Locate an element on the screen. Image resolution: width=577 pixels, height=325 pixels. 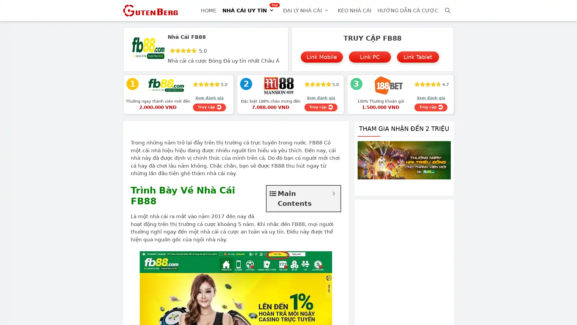
Main Contents is located at coordinates (333, 193).